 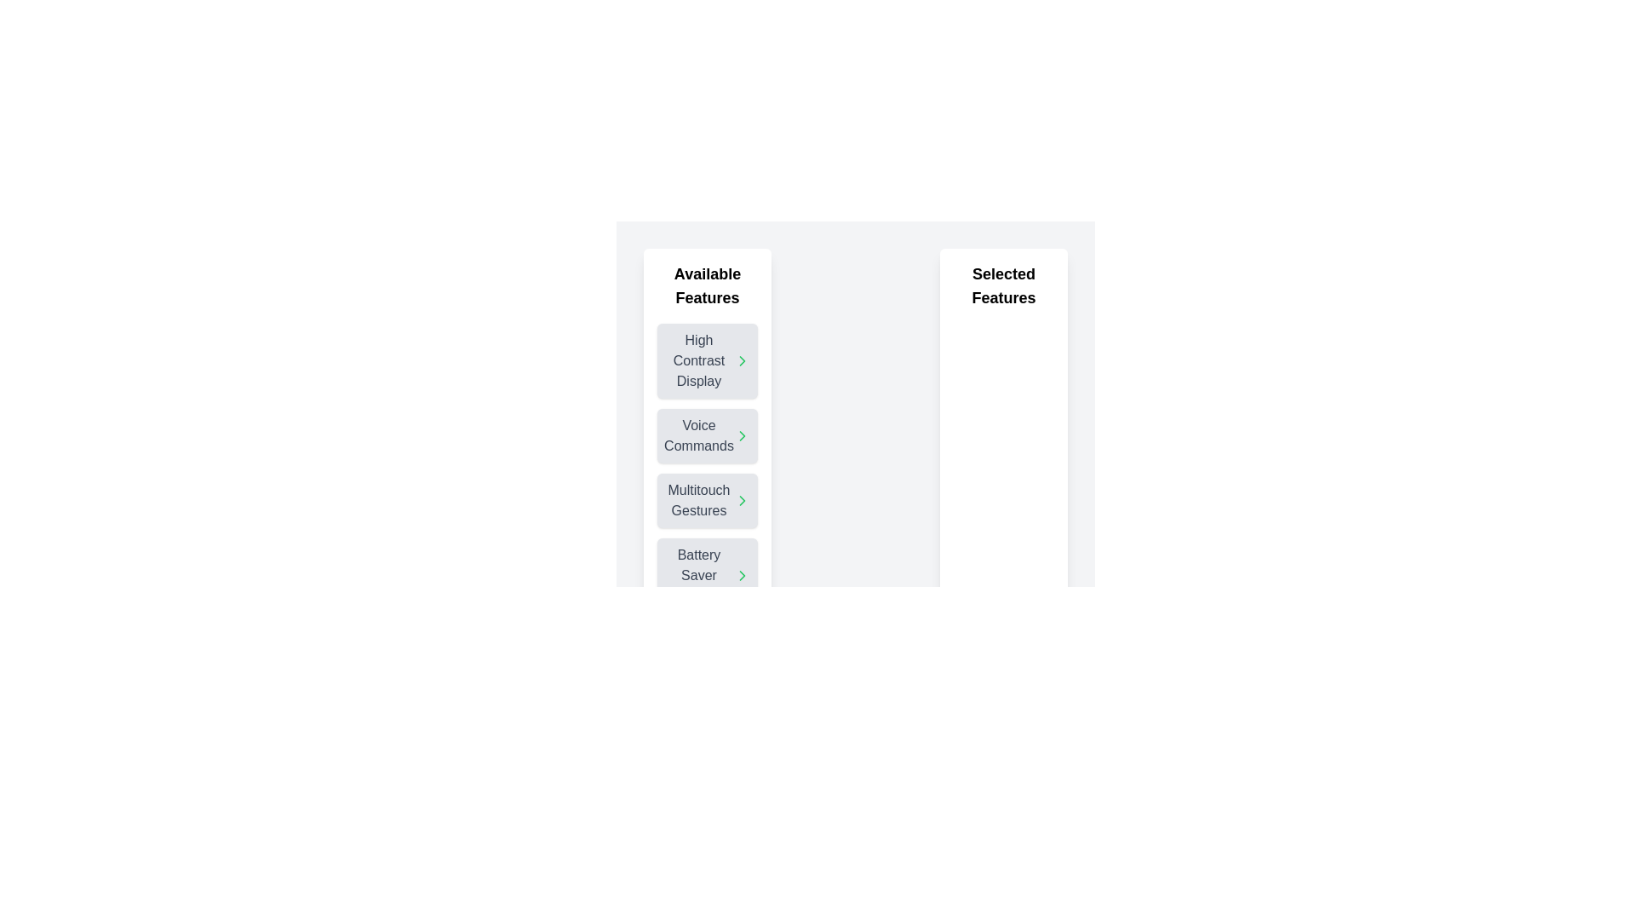 I want to click on the transfer button for the item 'Multitouch Gestures' in the available features list to move it to the selected features list, so click(x=743, y=499).